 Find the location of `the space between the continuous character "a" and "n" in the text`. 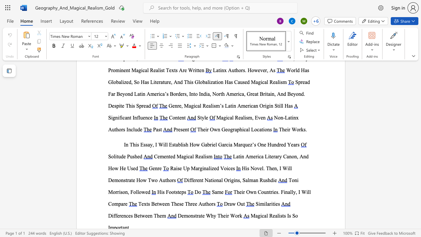

the space between the continuous character "a" and "n" in the text is located at coordinates (289, 156).